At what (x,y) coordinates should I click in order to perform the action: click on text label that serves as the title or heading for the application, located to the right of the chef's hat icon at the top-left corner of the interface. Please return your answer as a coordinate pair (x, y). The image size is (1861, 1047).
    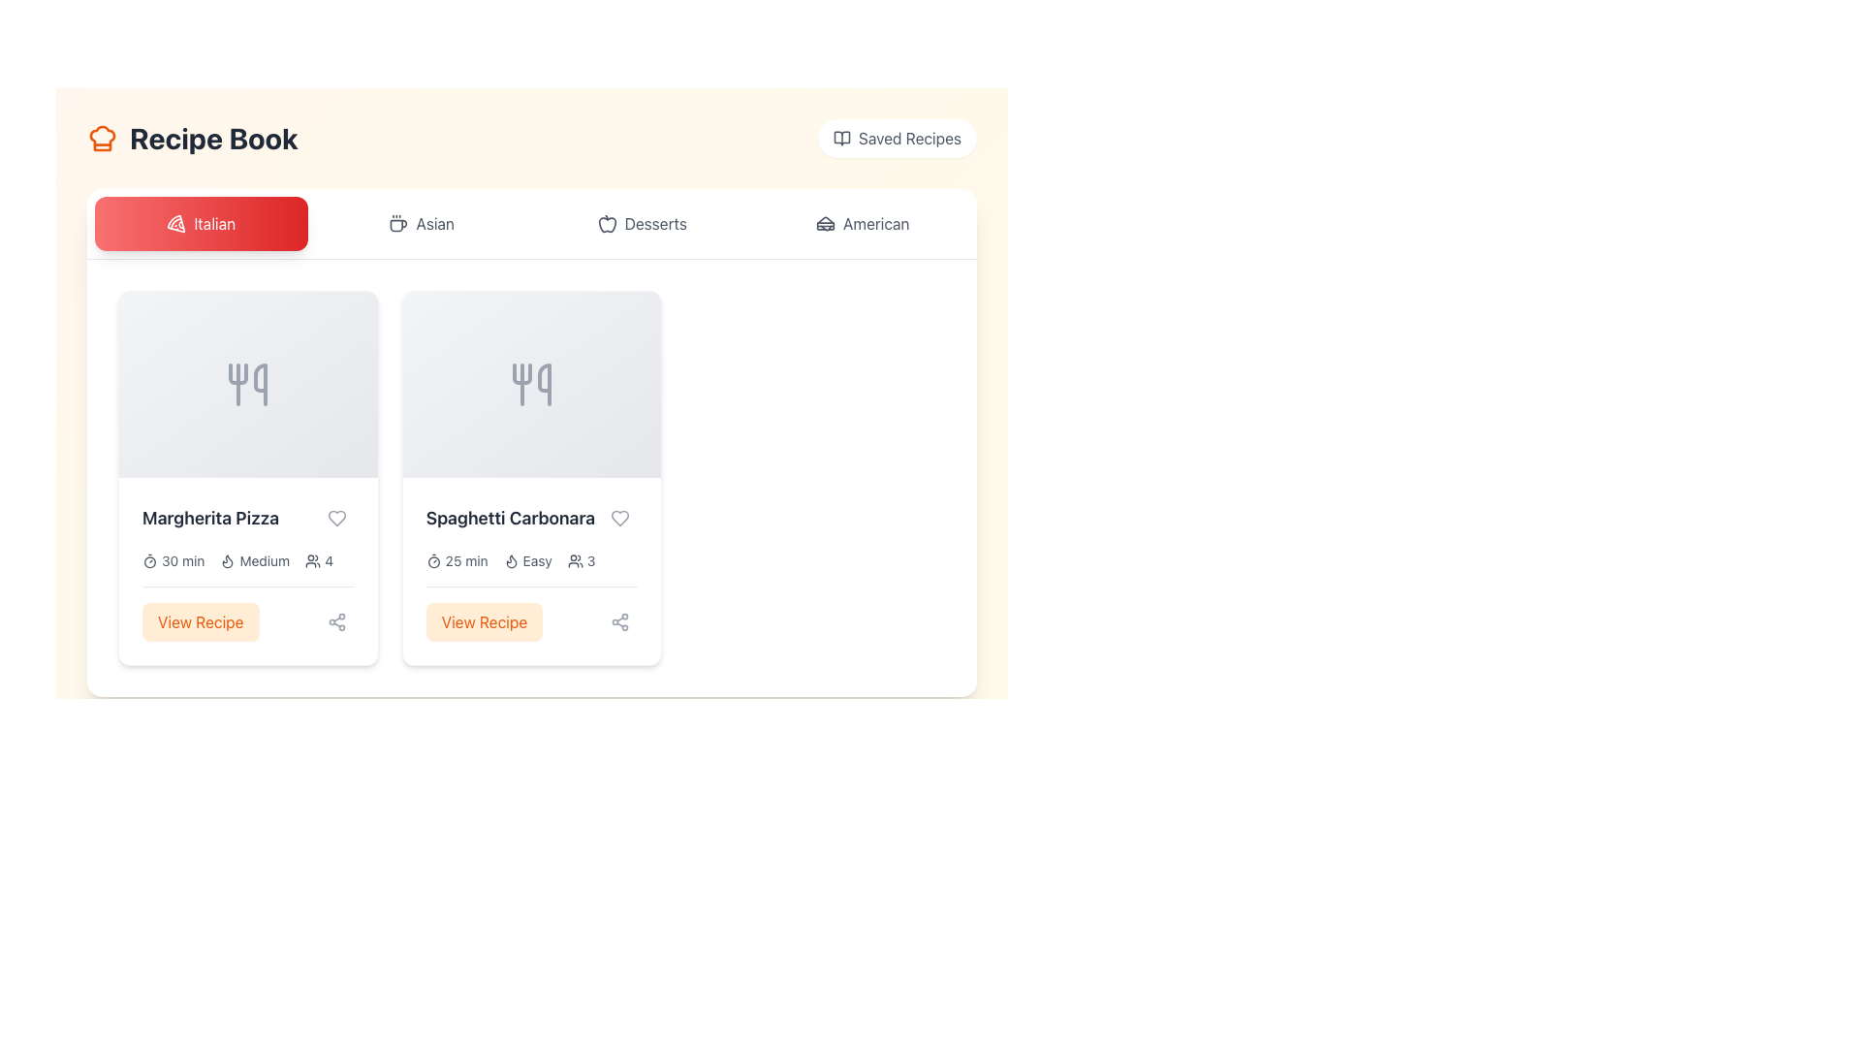
    Looking at the image, I should click on (213, 137).